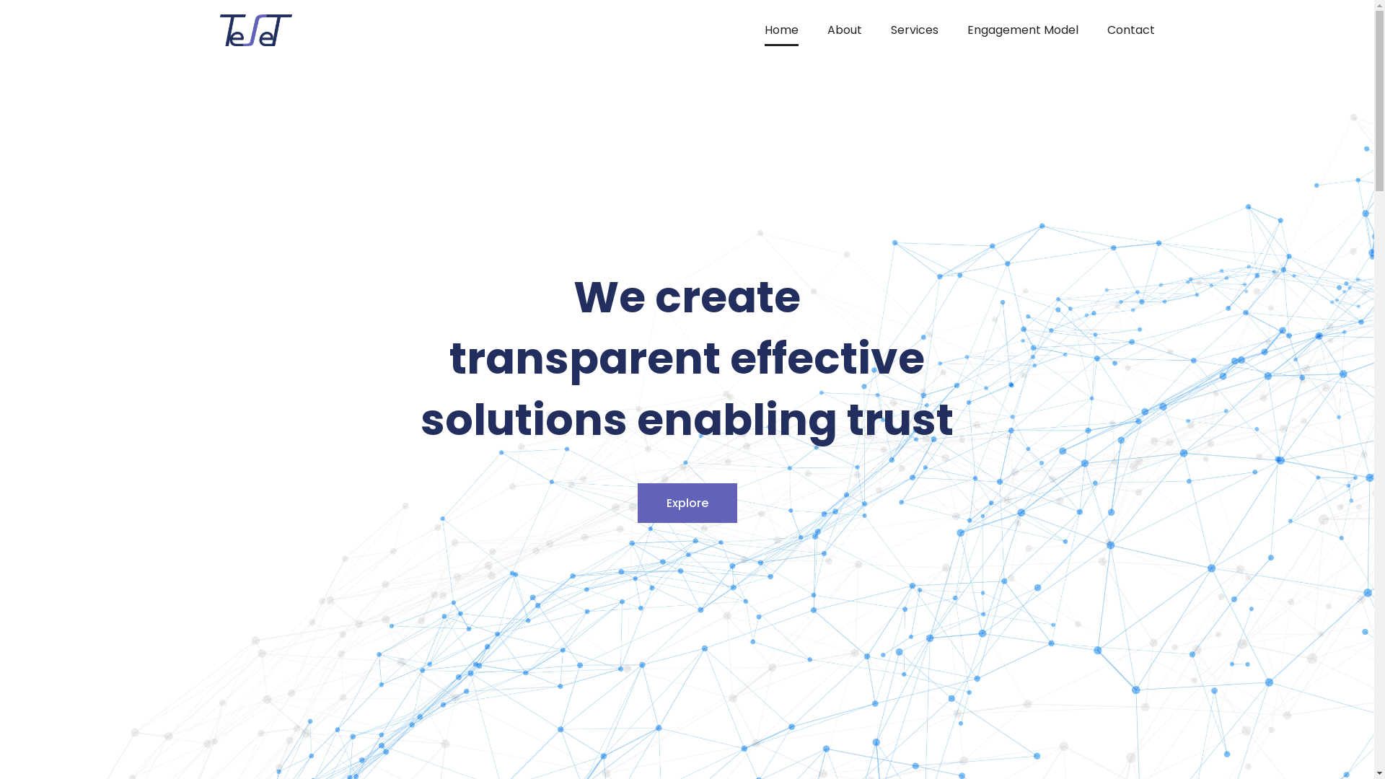 The height and width of the screenshot is (779, 1385). What do you see at coordinates (913, 30) in the screenshot?
I see `'Services'` at bounding box center [913, 30].